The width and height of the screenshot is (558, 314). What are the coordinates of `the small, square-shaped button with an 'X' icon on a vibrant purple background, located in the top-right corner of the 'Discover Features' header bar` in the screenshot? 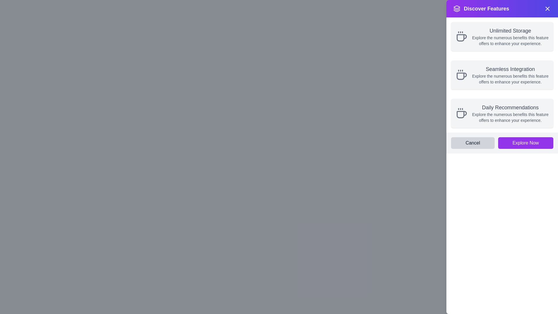 It's located at (547, 9).